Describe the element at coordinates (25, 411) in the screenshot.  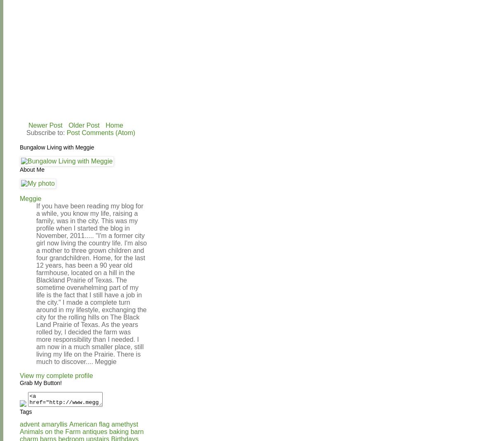
I see `'Tags'` at that location.